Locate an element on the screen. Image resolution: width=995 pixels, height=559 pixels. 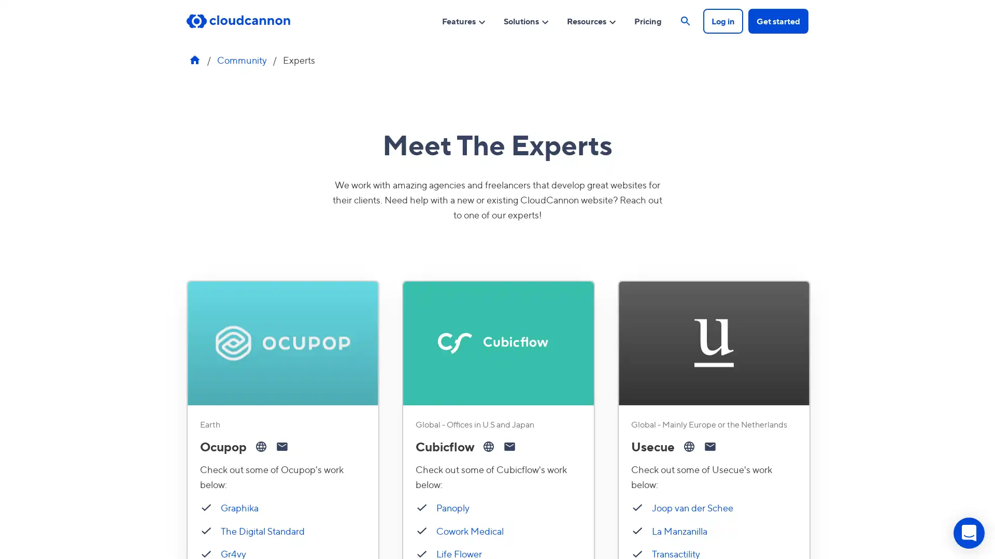
Features is located at coordinates (463, 20).